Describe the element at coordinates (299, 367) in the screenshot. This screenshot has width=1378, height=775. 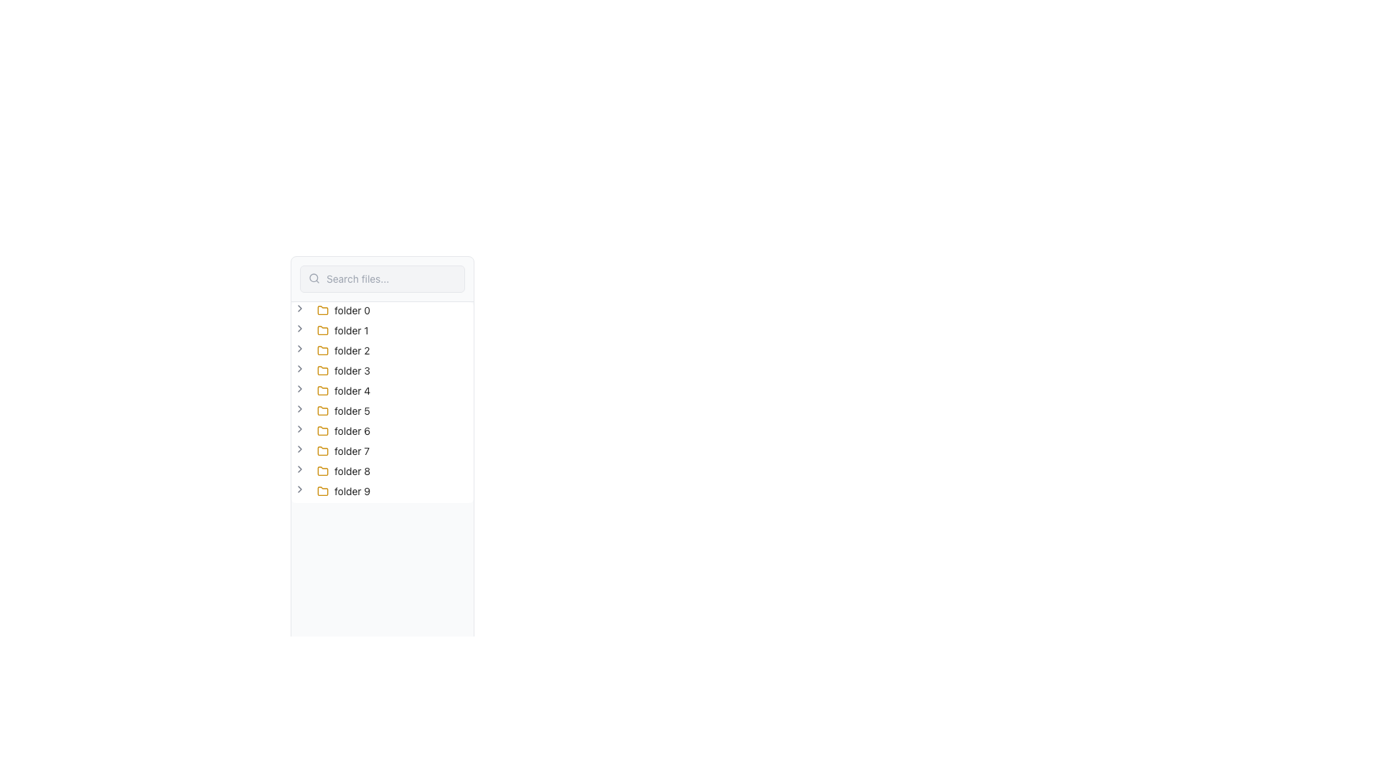
I see `the gray chevron icon pointing to the right, located to the left of the 'folder 3' label` at that location.